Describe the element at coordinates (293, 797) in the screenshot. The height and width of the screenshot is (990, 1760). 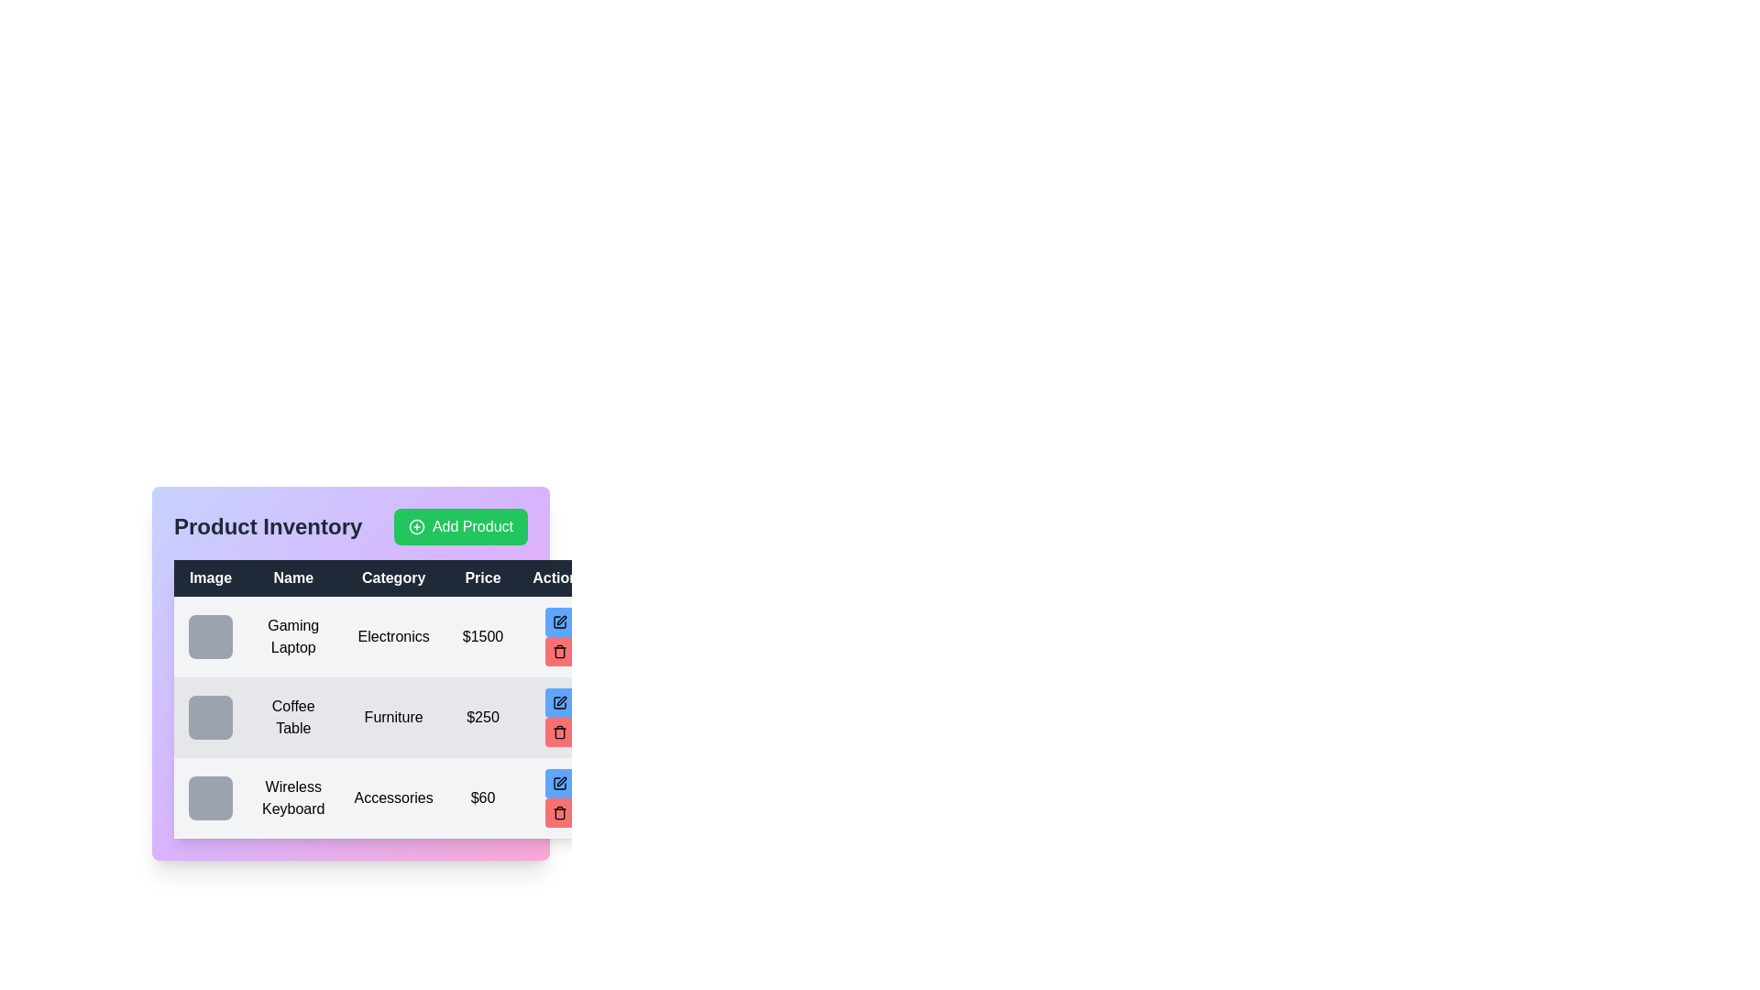
I see `the text label identifying the product name 'Wireless Keyboard' located in the third row under the 'Name' column to possibly reveal details` at that location.